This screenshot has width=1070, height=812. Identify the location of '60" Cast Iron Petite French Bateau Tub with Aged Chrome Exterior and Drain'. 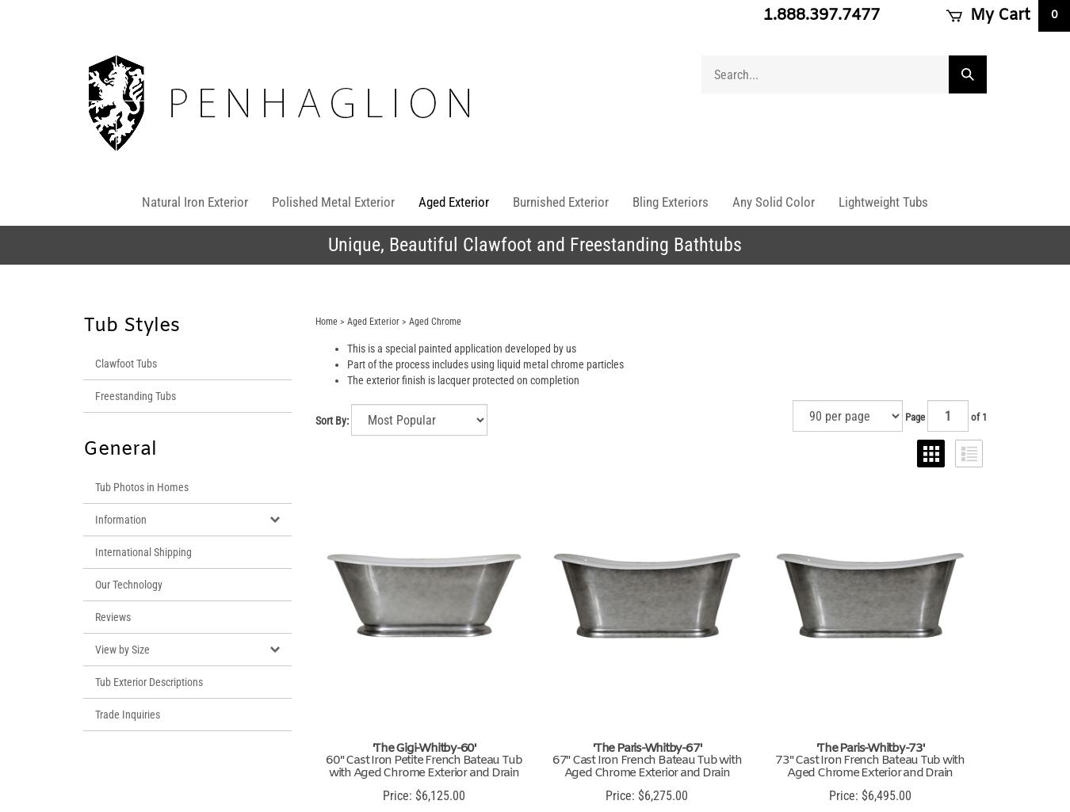
(422, 766).